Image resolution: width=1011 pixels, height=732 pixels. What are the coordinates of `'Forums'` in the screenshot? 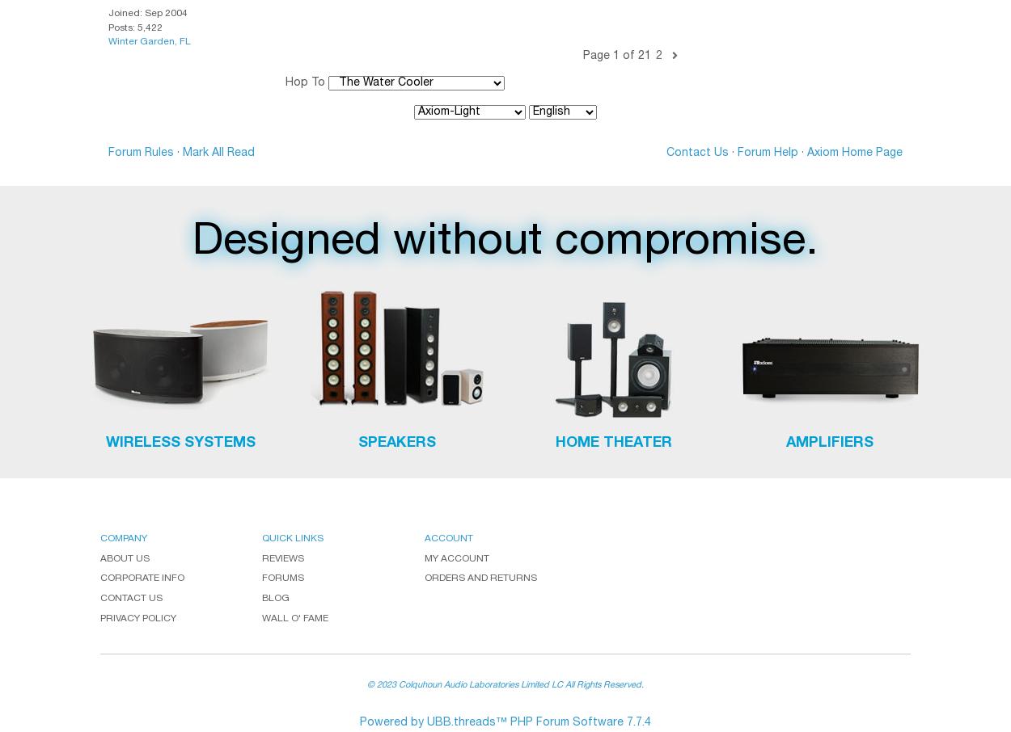 It's located at (282, 578).